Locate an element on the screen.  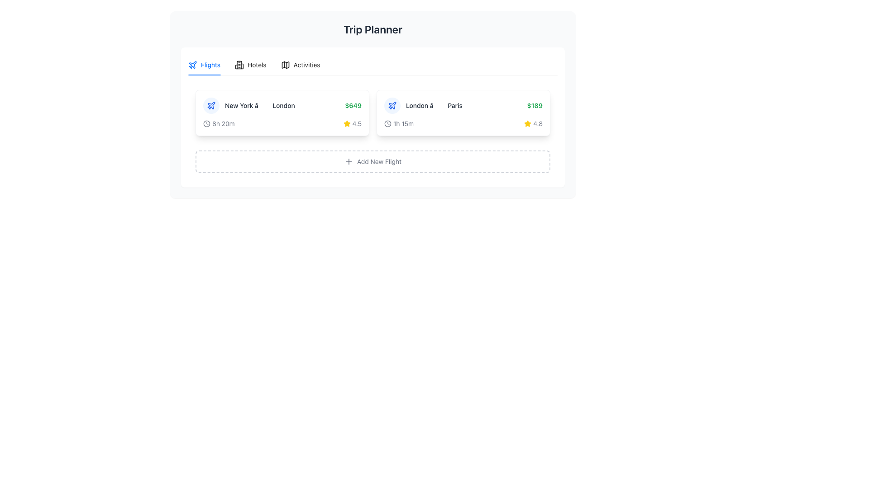
the map-like icon with a folded paper design, which is the third icon in the navigation bar next to the text 'Activities' is located at coordinates (285, 64).